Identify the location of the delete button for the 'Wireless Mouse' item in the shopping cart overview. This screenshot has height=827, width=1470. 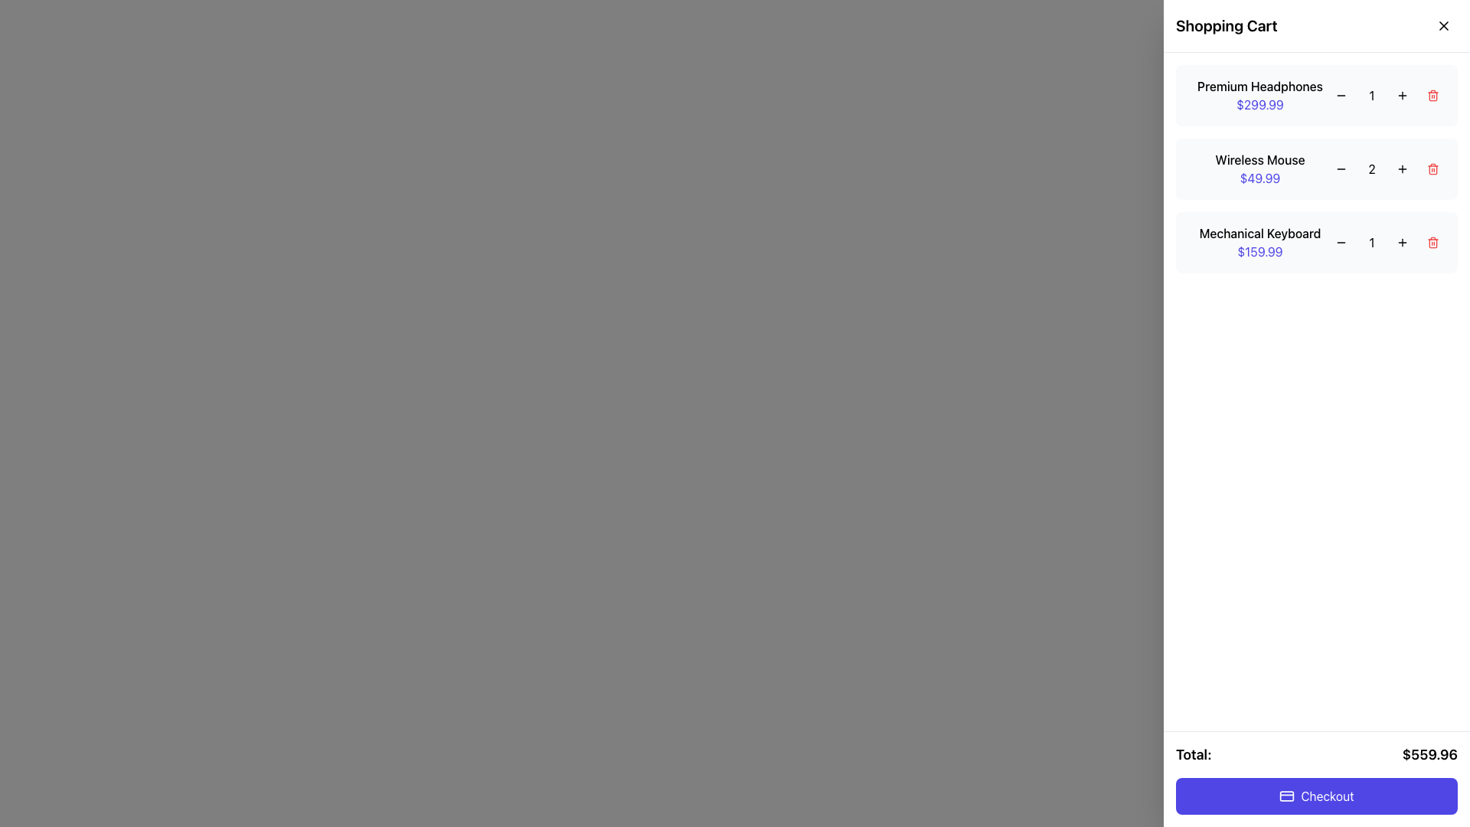
(1432, 168).